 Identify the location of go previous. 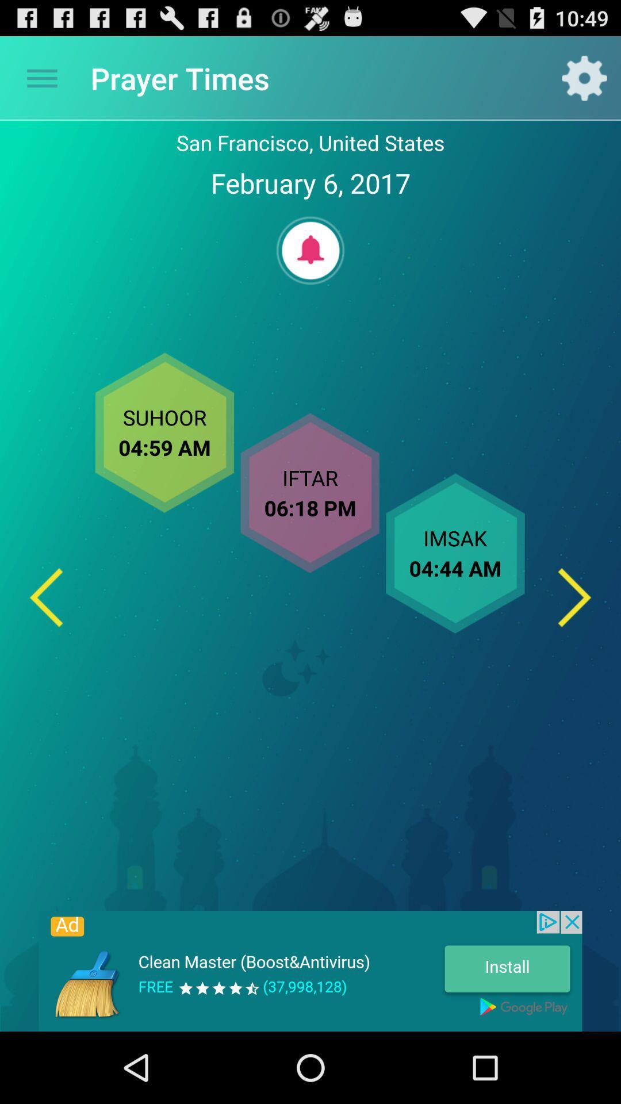
(45, 597).